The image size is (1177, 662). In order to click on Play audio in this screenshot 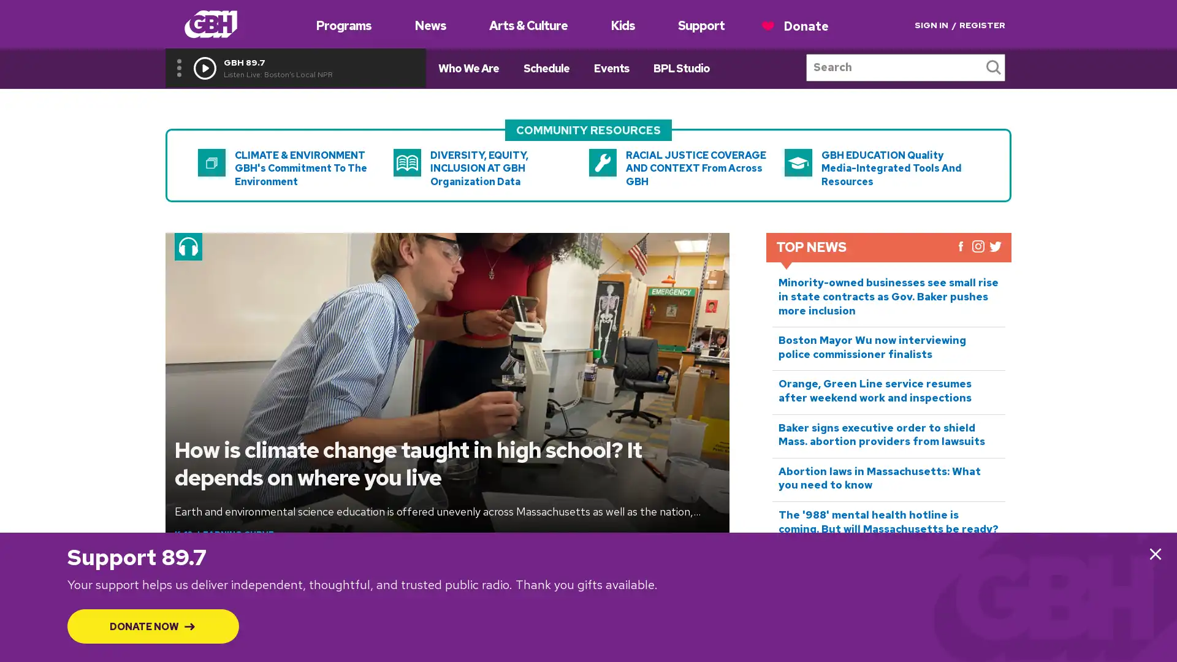, I will do `click(205, 67)`.